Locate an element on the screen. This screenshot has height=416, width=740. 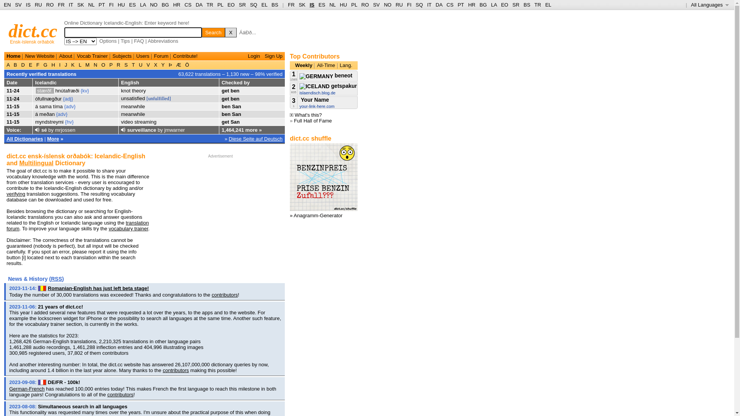
'F' is located at coordinates (37, 64).